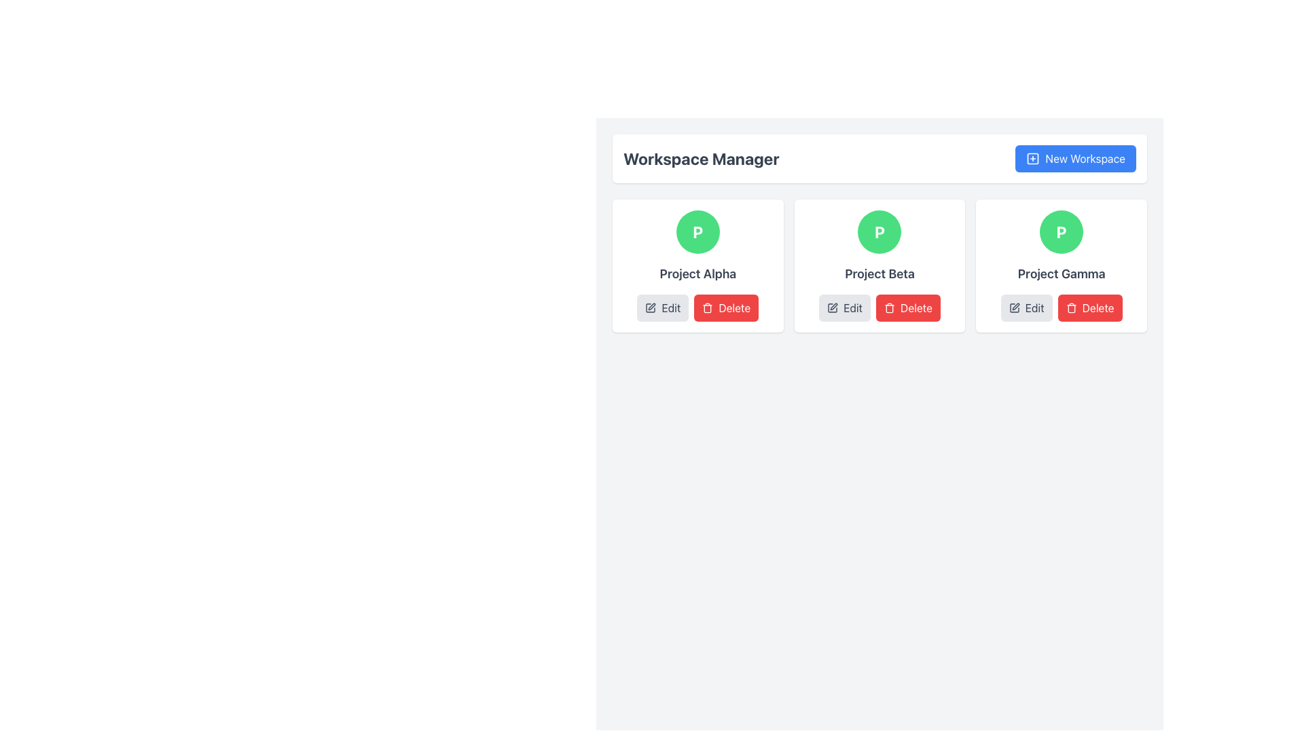  Describe the element at coordinates (1032, 158) in the screenshot. I see `the blue button labeled 'New Workspace' that contains the plus icon, which is represented as a Vector graphic in the SVG` at that location.